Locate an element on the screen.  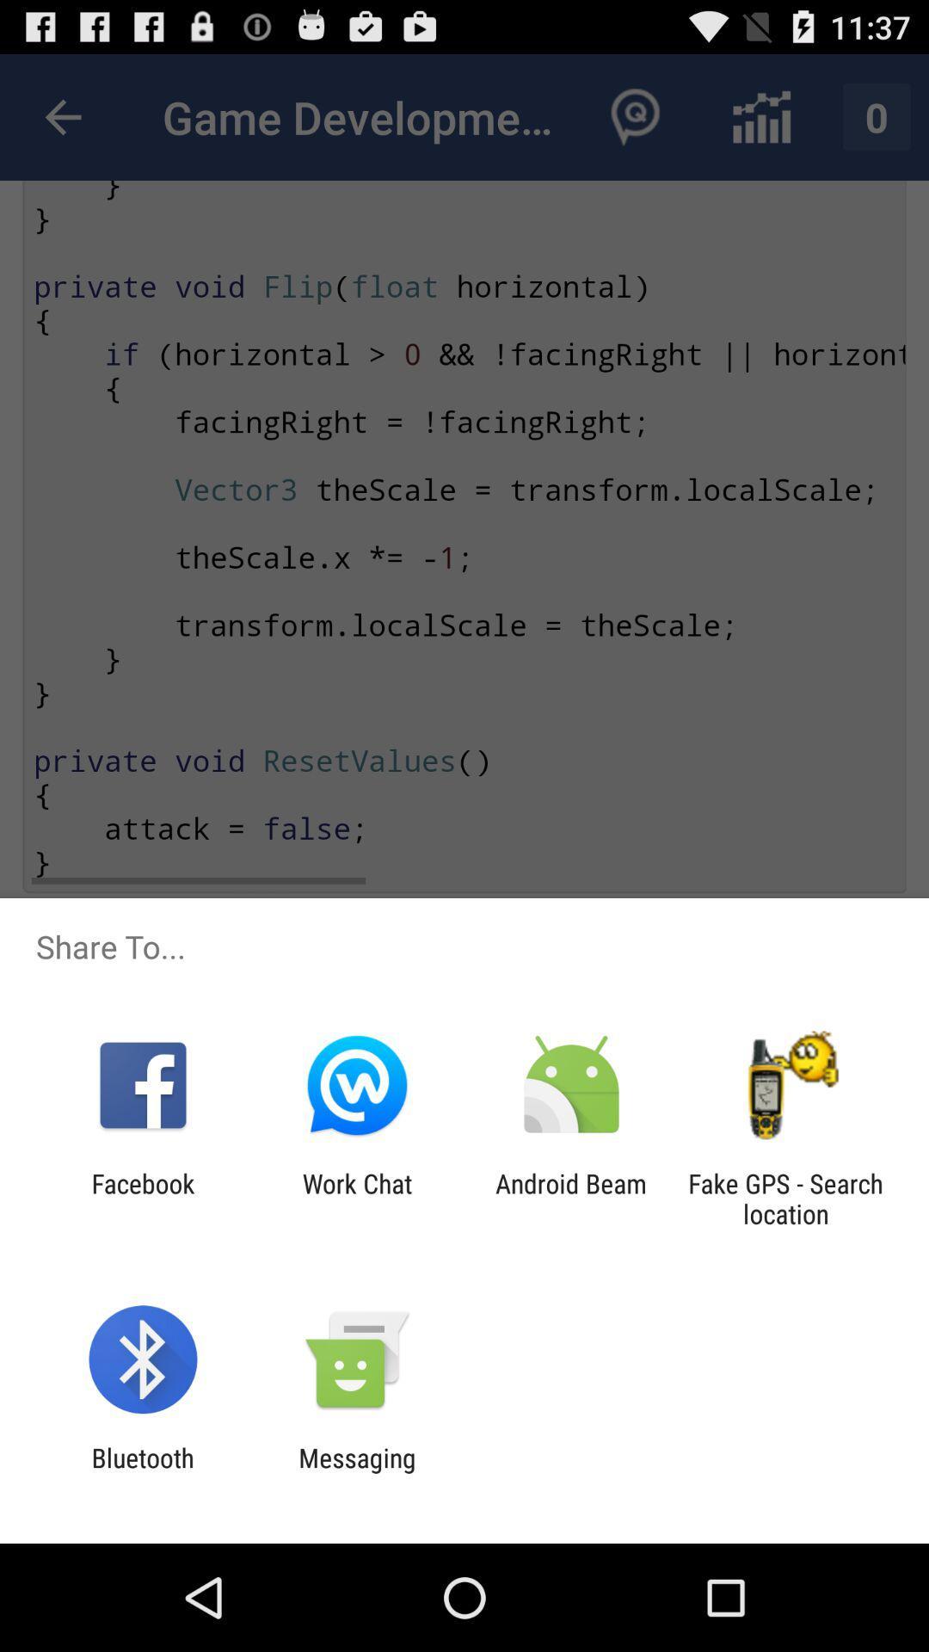
app at the bottom right corner is located at coordinates (785, 1198).